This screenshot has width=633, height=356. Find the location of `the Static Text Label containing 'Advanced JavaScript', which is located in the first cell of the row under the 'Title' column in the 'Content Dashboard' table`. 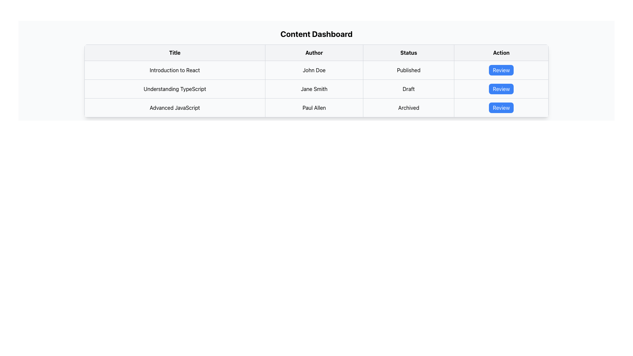

the Static Text Label containing 'Advanced JavaScript', which is located in the first cell of the row under the 'Title' column in the 'Content Dashboard' table is located at coordinates (175, 107).